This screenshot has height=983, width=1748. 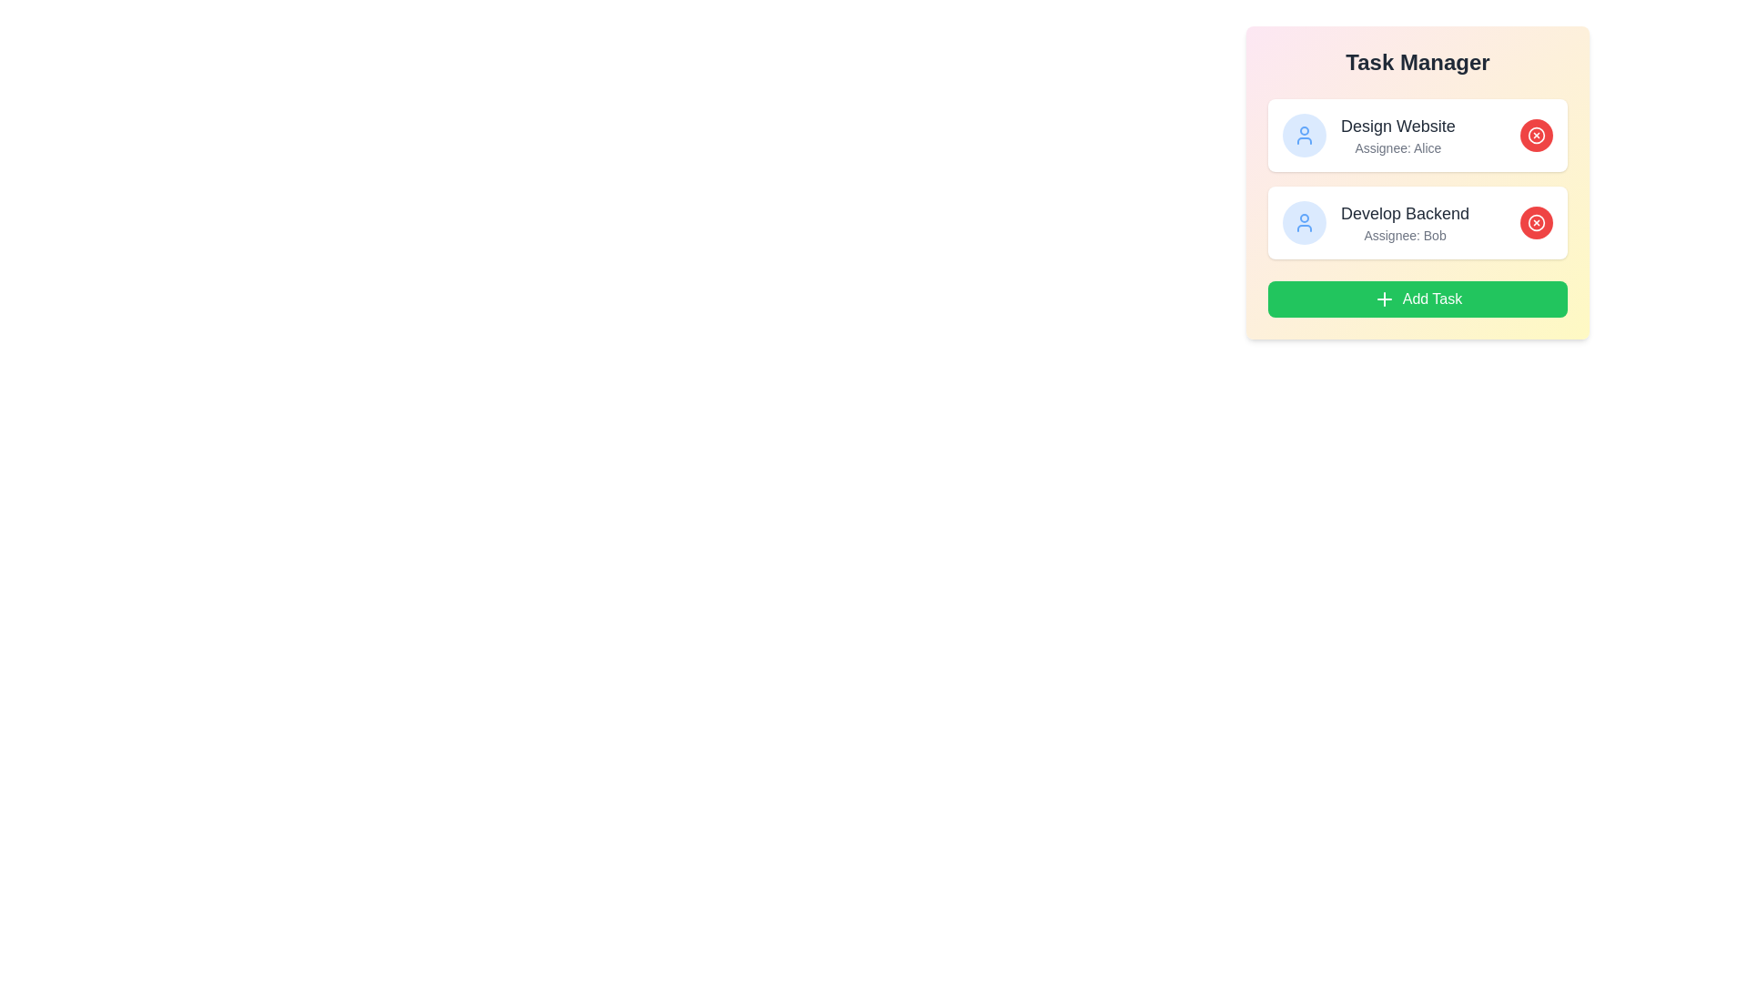 What do you see at coordinates (1367, 135) in the screenshot?
I see `to select the first task listed under the 'Task Manager' heading in the task management interface` at bounding box center [1367, 135].